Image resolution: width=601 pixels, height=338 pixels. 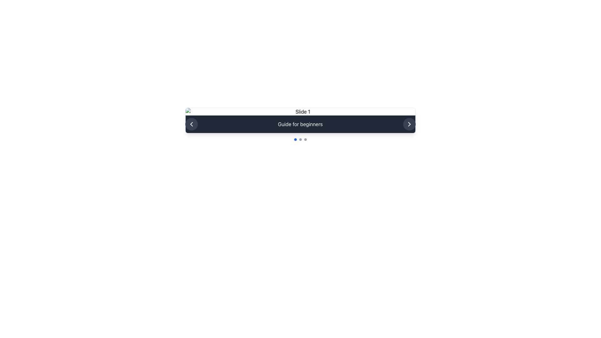 I want to click on the text label reading 'Guide for beginners' which is centered in a dark background within the navigation bar, so click(x=300, y=124).